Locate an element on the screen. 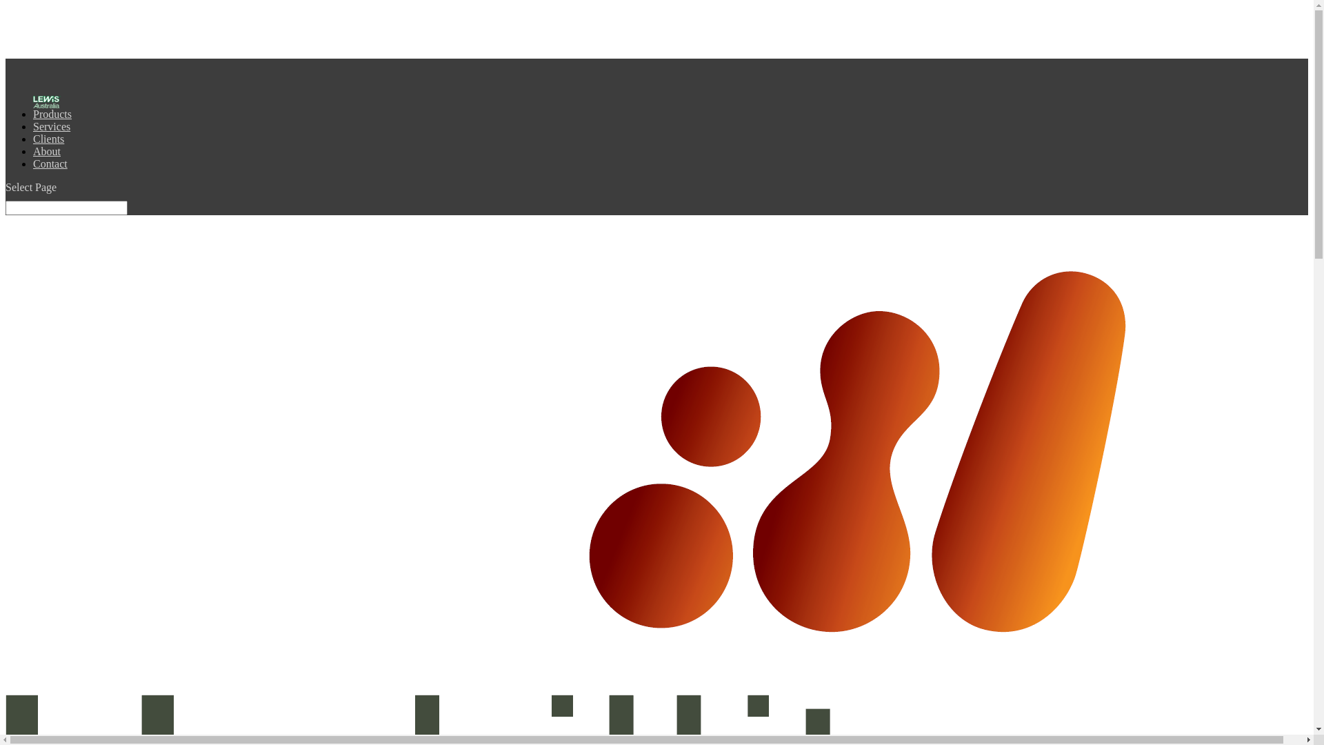 The height and width of the screenshot is (745, 1324). 'Search for:' is located at coordinates (66, 208).